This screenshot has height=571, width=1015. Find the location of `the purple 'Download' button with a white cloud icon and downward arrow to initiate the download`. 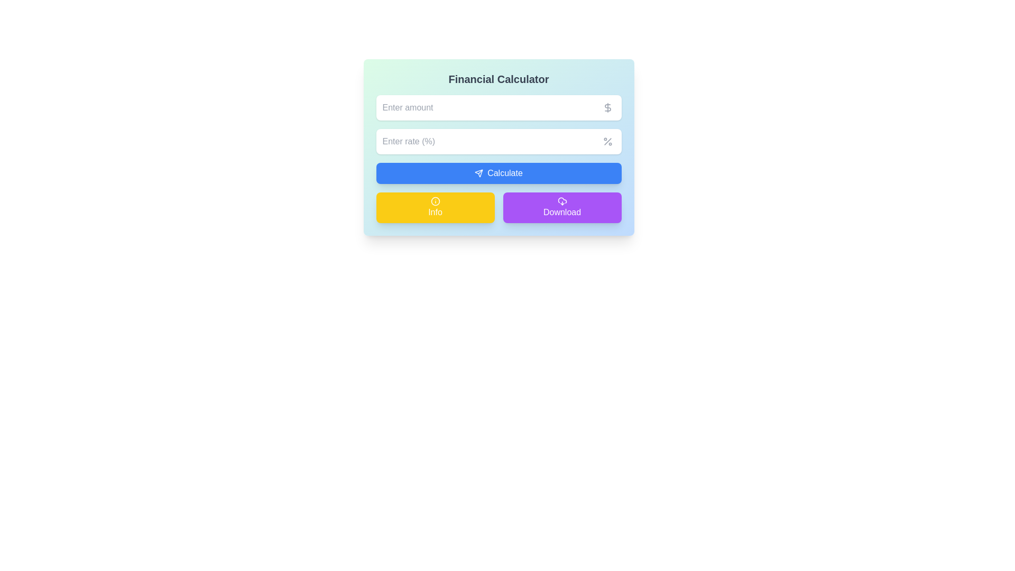

the purple 'Download' button with a white cloud icon and downward arrow to initiate the download is located at coordinates (561, 208).